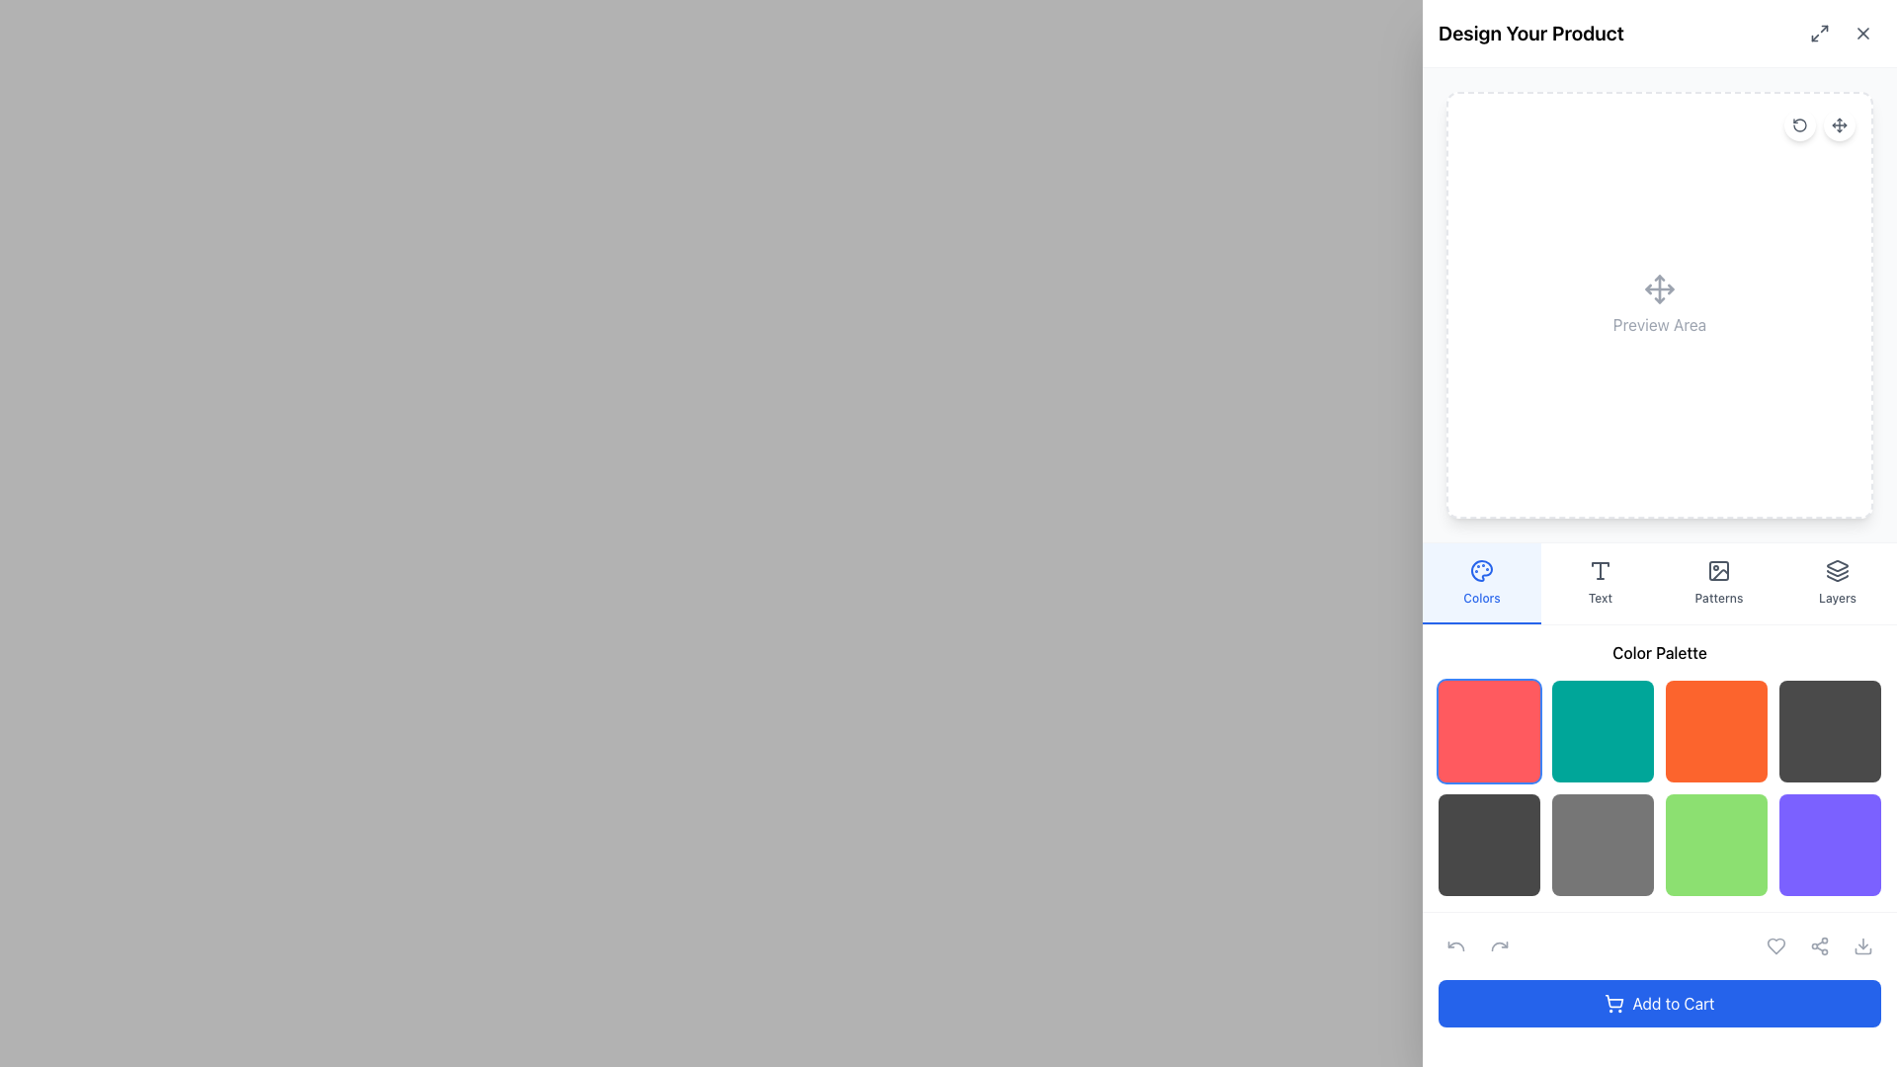 The width and height of the screenshot is (1897, 1067). Describe the element at coordinates (1603, 731) in the screenshot. I see `the Color selection button with a teal background located in the second column of the first row within the 'Color Palette' section` at that location.